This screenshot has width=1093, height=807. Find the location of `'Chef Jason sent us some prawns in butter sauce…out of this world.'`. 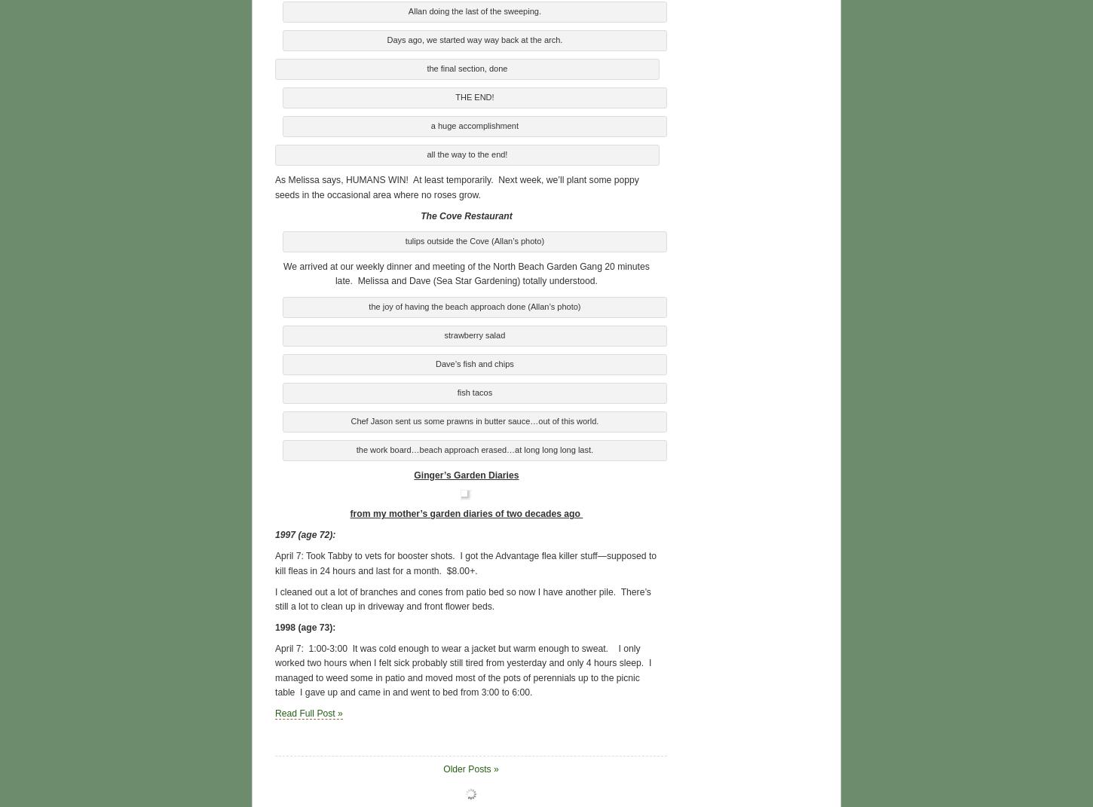

'Chef Jason sent us some prawns in butter sauce…out of this world.' is located at coordinates (473, 418).